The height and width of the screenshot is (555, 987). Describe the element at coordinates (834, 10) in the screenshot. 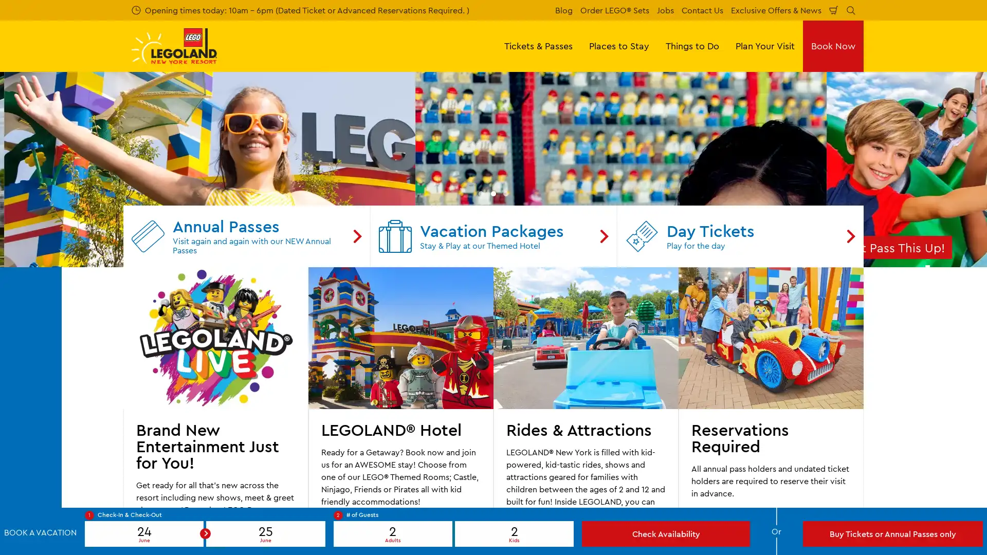

I see `Shopping Cart` at that location.